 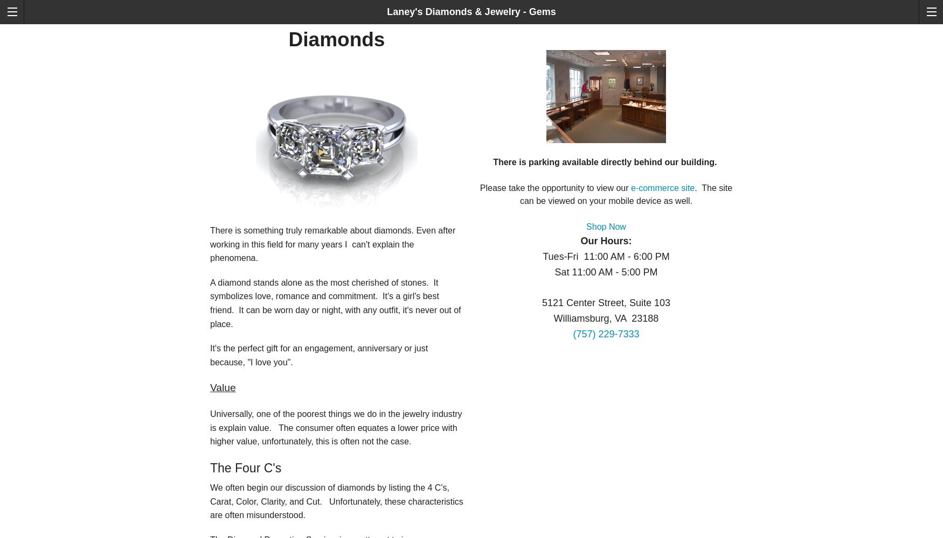 I want to click on 'Williamsburg, VA  23188', so click(x=606, y=317).